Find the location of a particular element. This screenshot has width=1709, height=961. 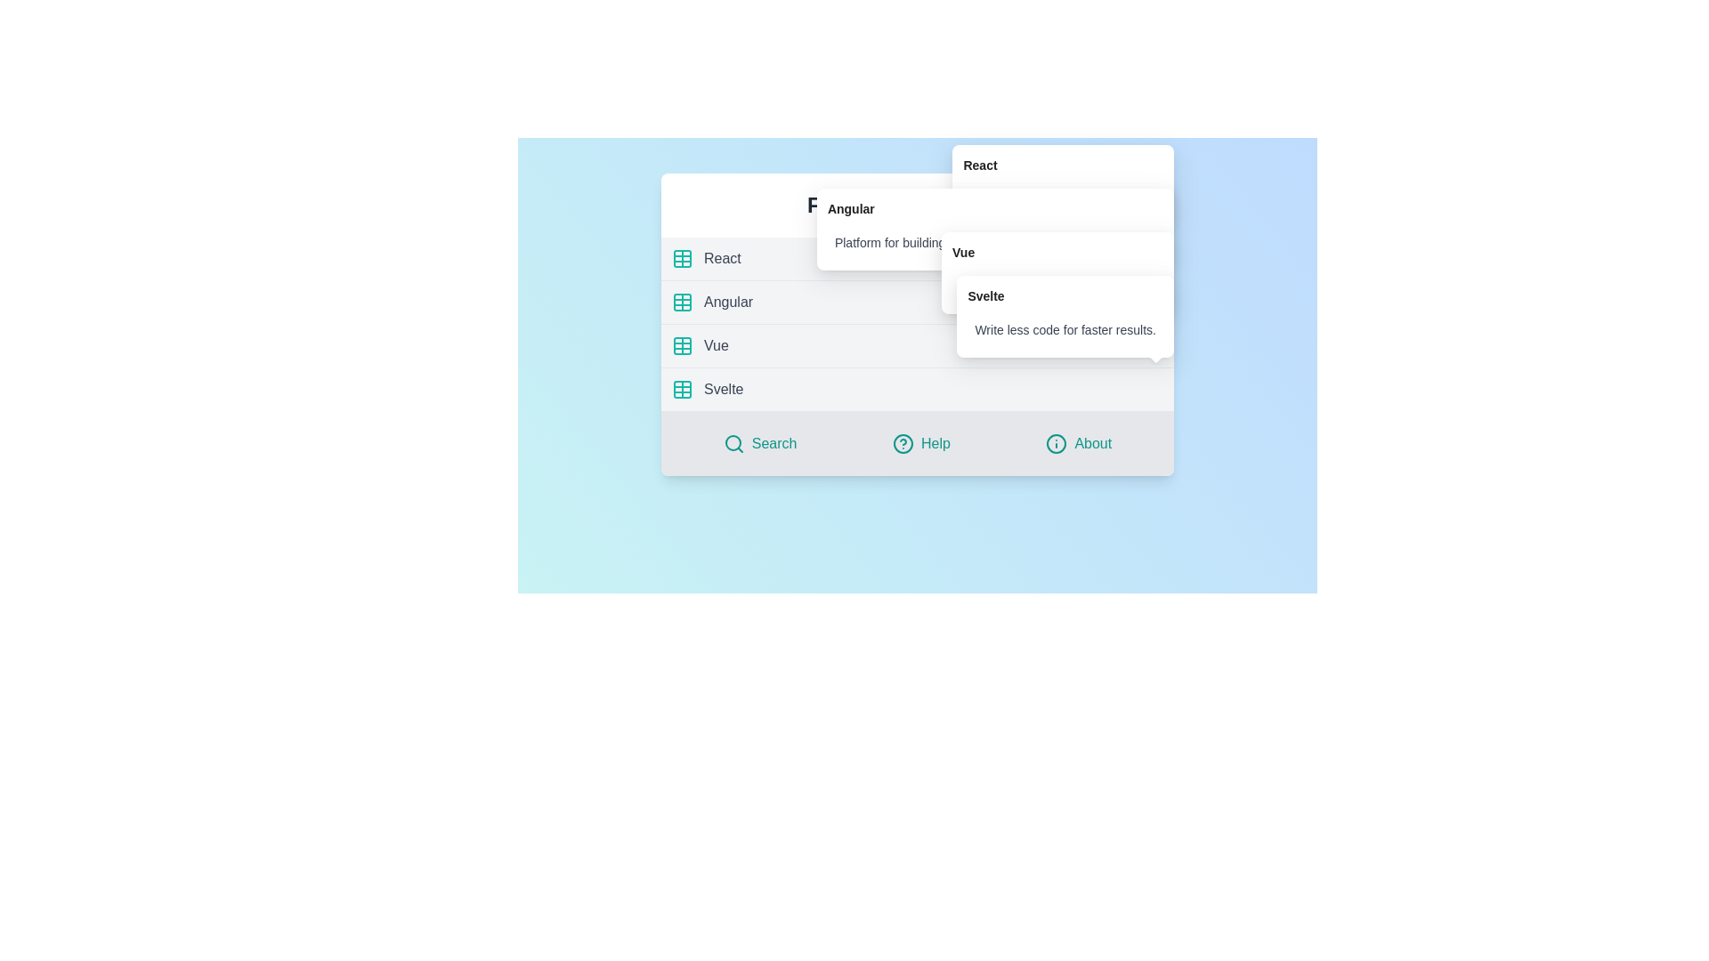

the 'table' icon that precedes the text 'Svelte' in the fourth item of a vertically stacked list under the main content area is located at coordinates (682, 389).